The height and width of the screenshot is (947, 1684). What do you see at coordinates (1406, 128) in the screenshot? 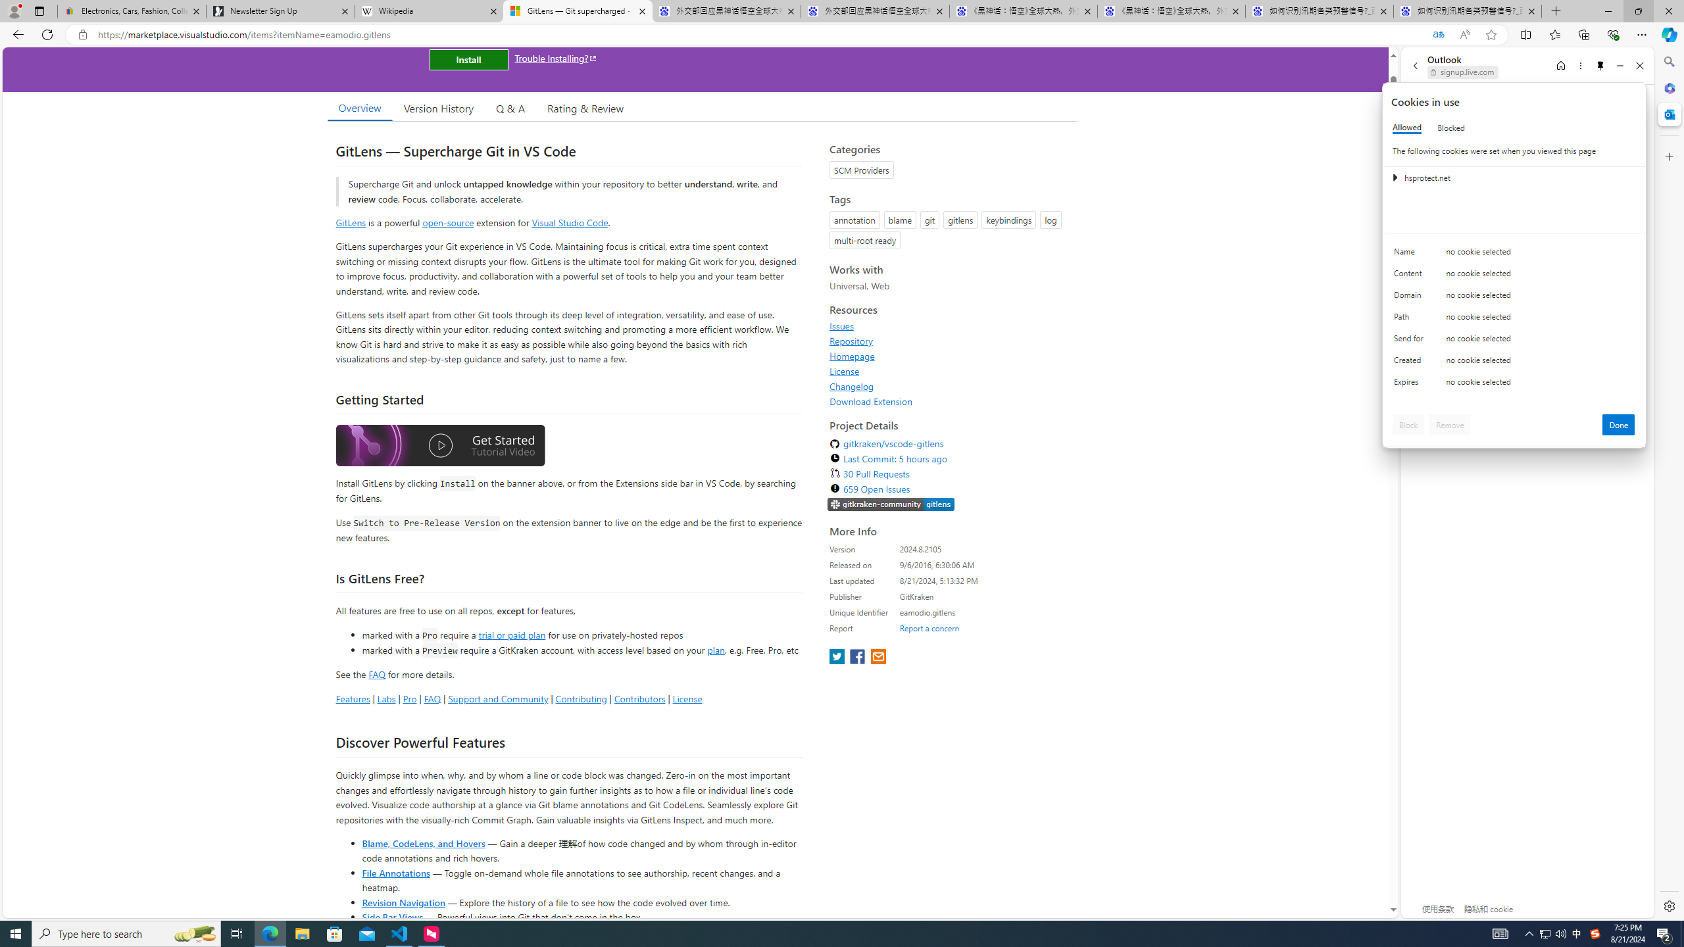
I see `'Allowed'` at bounding box center [1406, 128].